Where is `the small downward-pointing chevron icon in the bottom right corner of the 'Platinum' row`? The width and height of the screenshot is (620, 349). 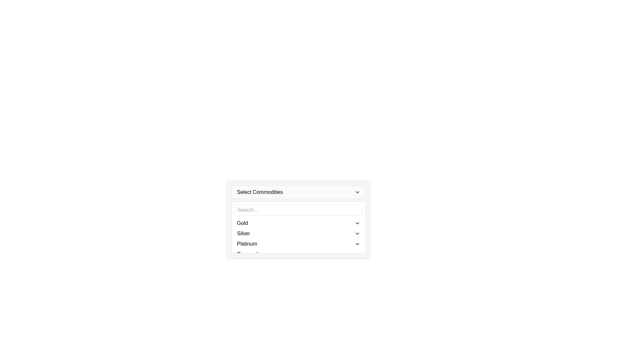
the small downward-pointing chevron icon in the bottom right corner of the 'Platinum' row is located at coordinates (357, 244).